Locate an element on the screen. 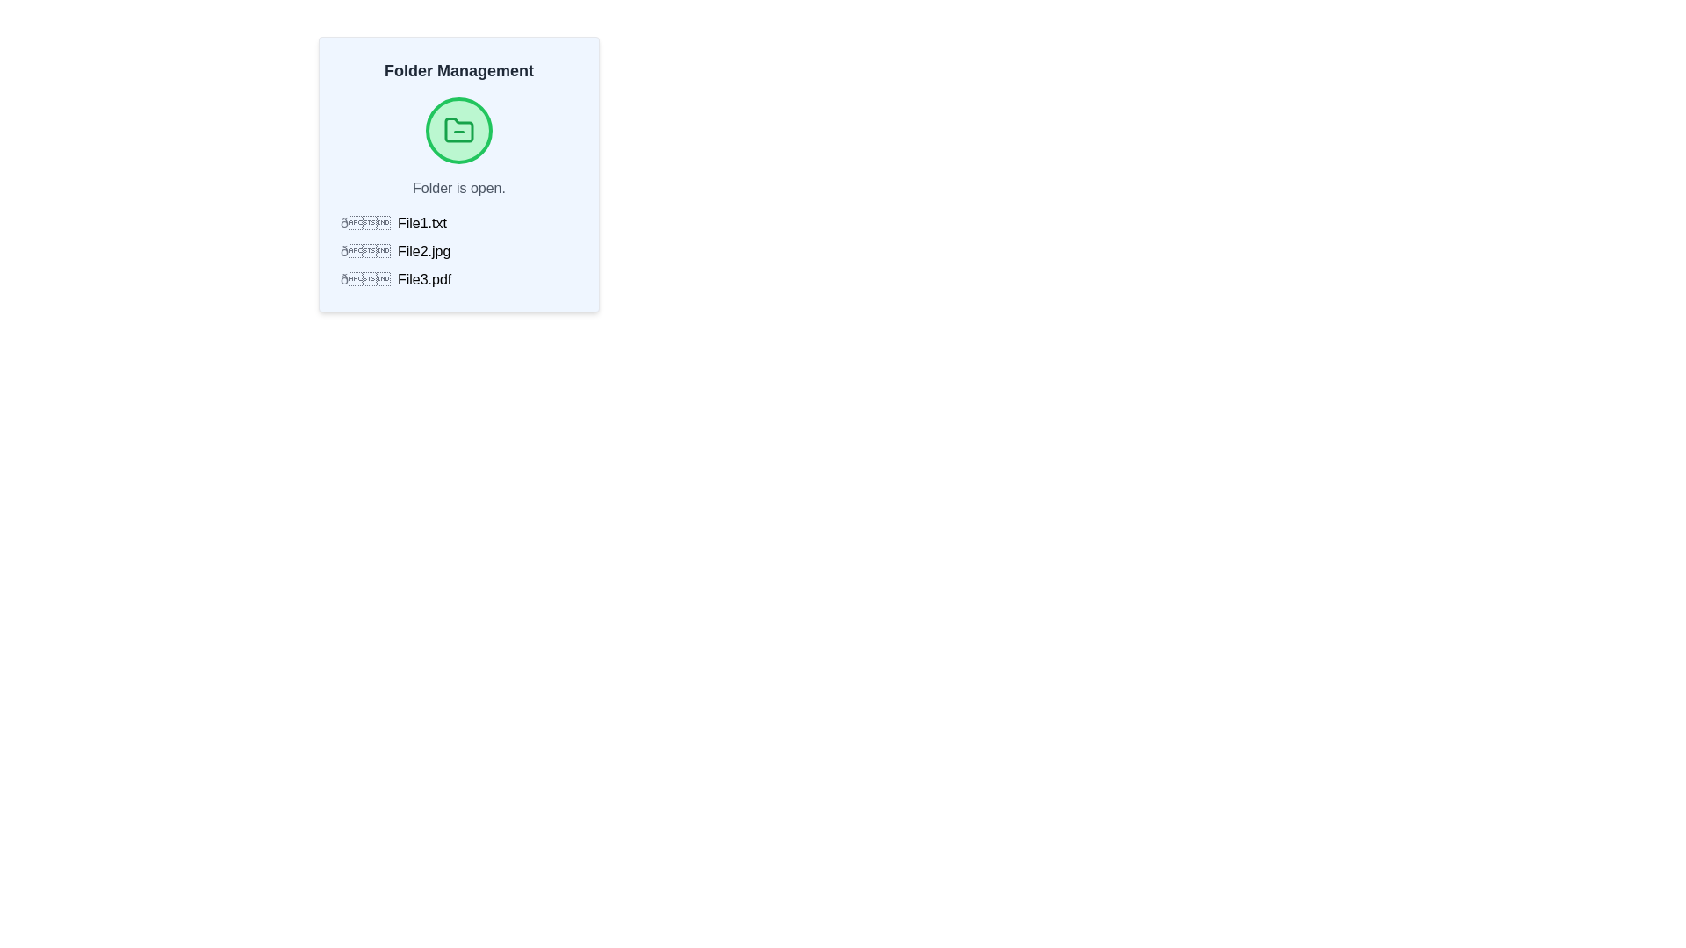 The height and width of the screenshot is (948, 1686). the icon located to the left of the text 'File2.jpg' is located at coordinates (364, 251).